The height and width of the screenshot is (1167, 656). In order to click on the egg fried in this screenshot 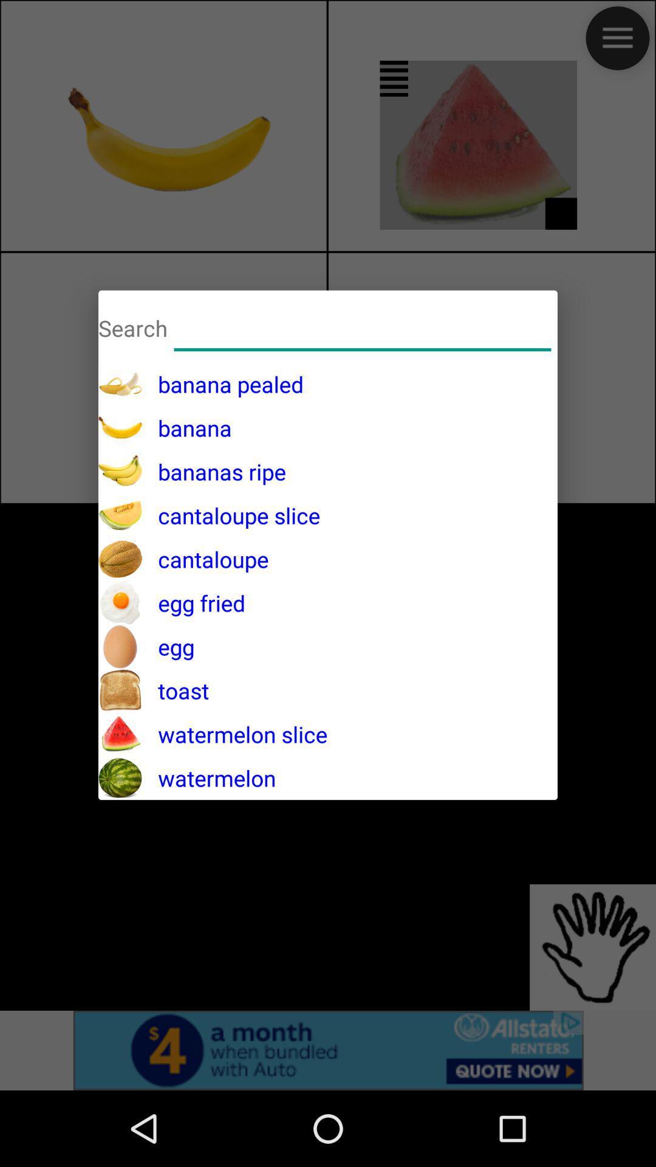, I will do `click(193, 603)`.